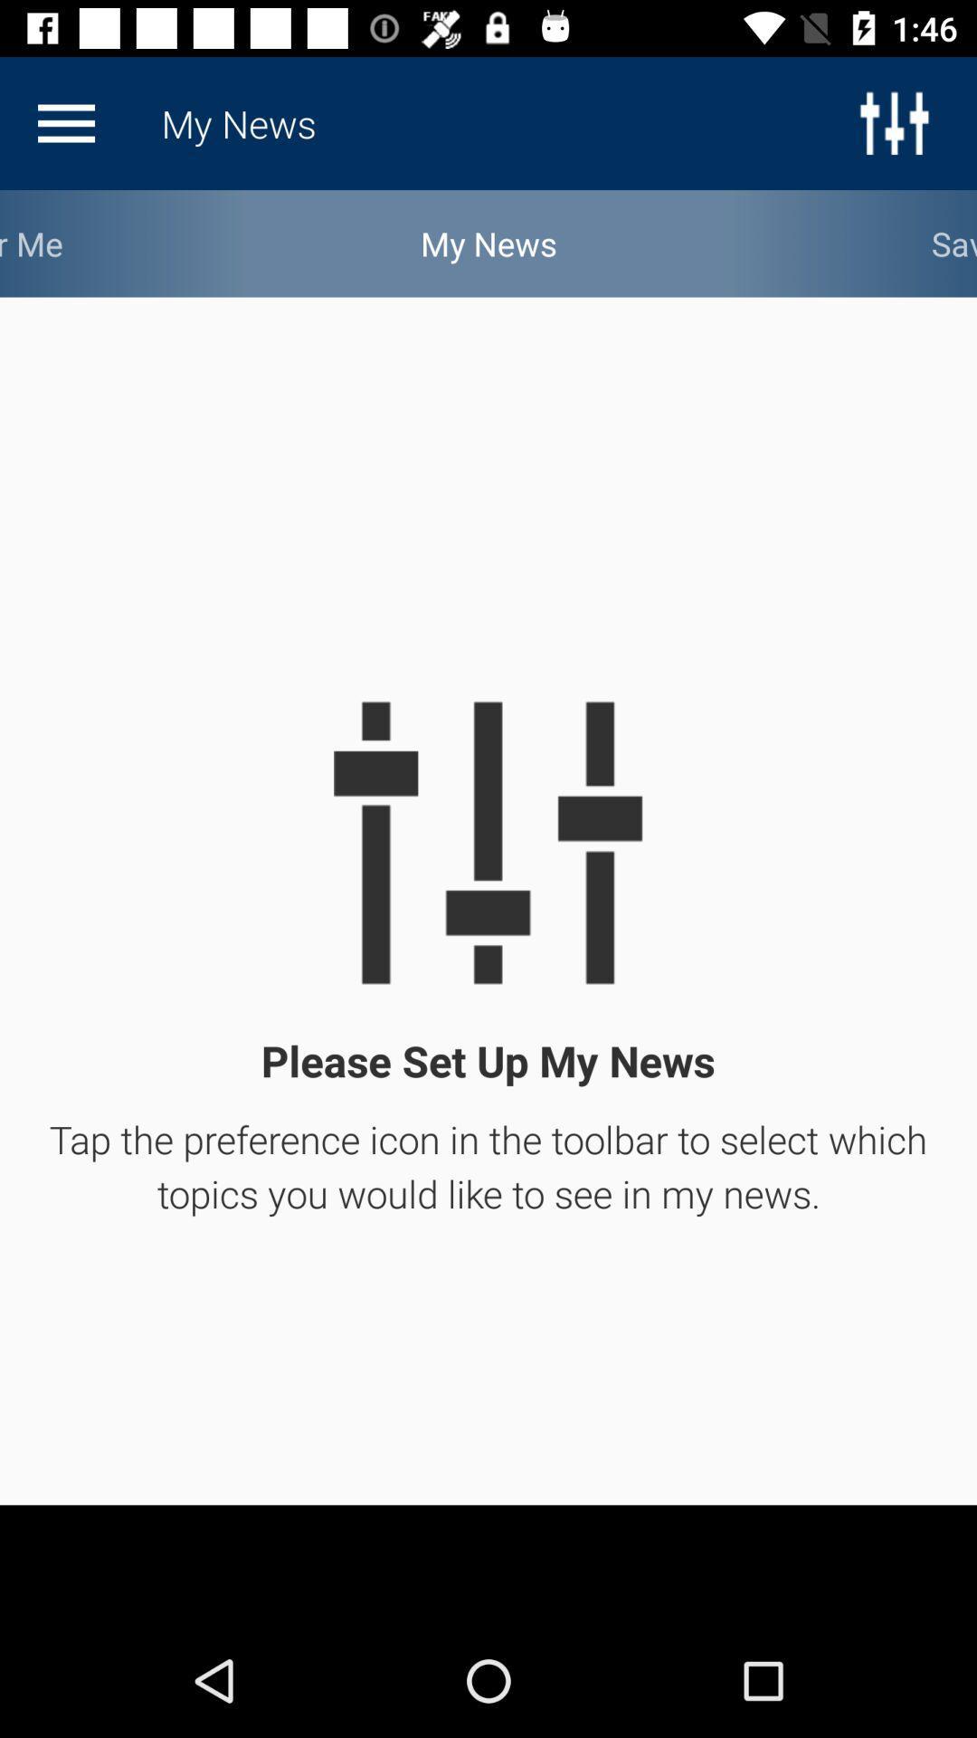  I want to click on customize, so click(65, 122).